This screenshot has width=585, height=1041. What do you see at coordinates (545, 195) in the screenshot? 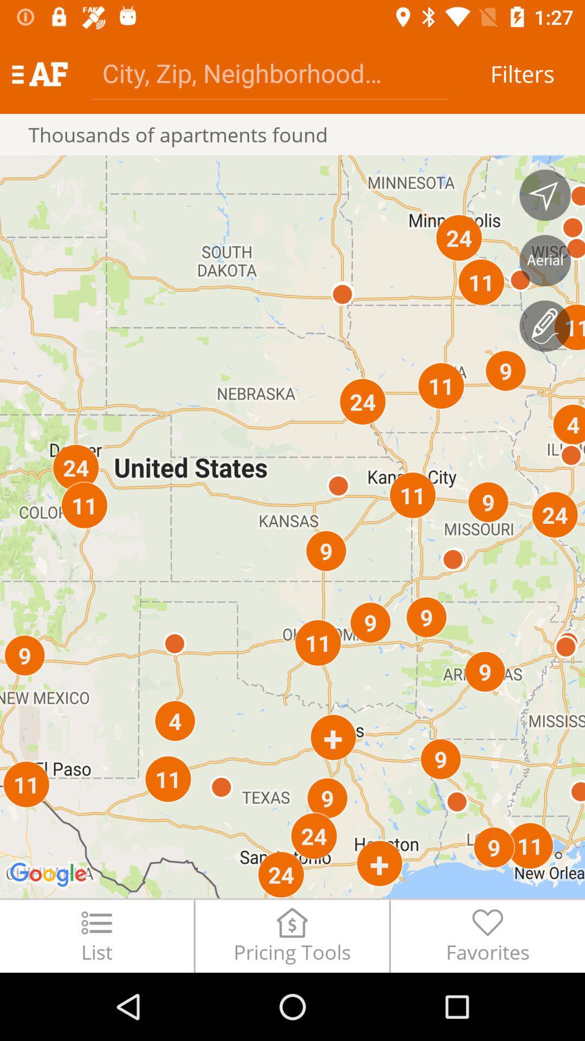
I see `extend map` at bounding box center [545, 195].